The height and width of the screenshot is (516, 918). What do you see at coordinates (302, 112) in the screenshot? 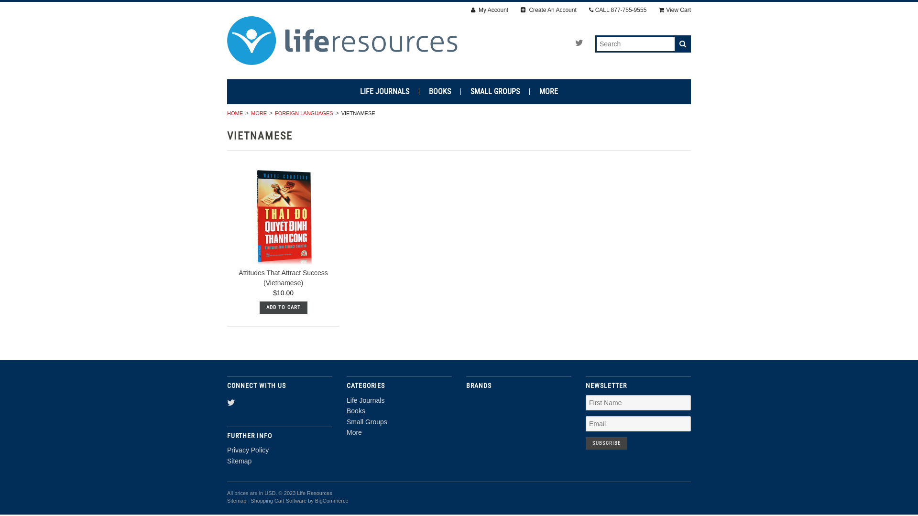
I see `'FOREIGN LANGUAGES'` at bounding box center [302, 112].